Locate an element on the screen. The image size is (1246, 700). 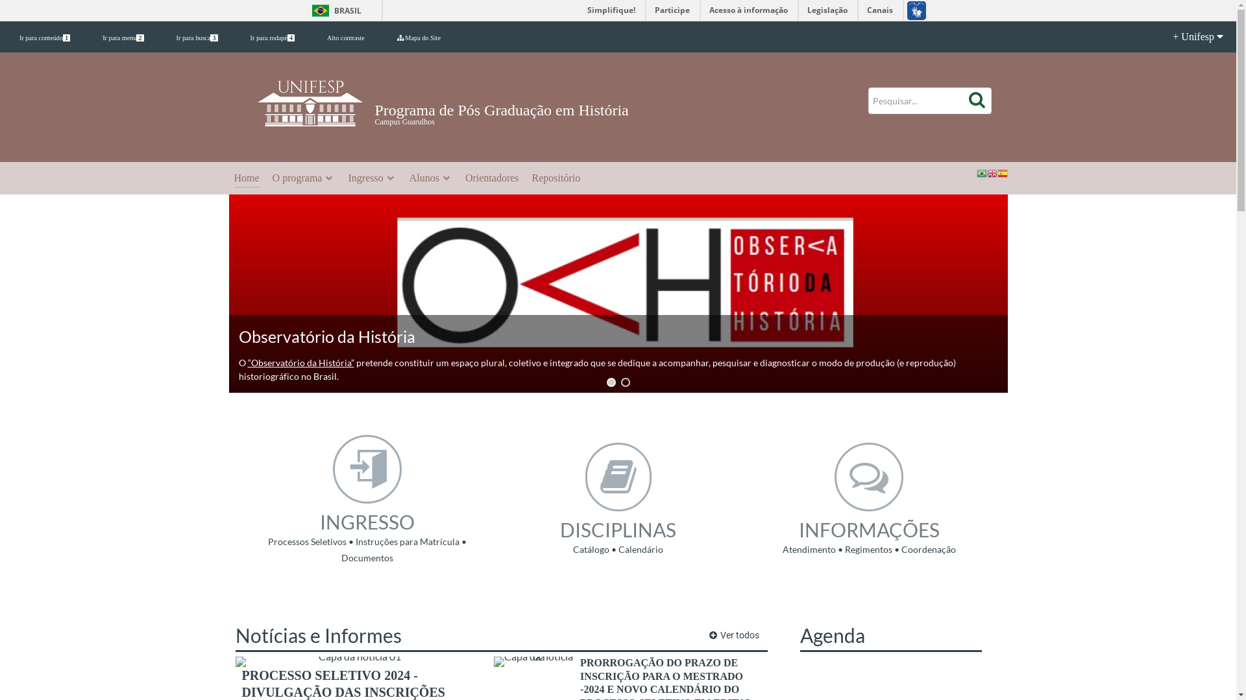
'Home' is located at coordinates (246, 179).